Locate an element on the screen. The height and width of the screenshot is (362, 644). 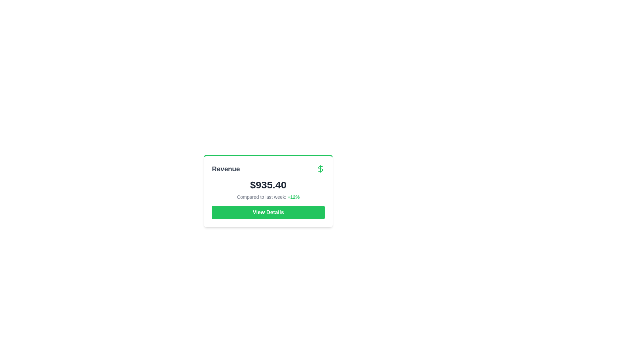
the green button labeled 'View Details' located at the bottom of the 'Revenue' card is located at coordinates (268, 212).